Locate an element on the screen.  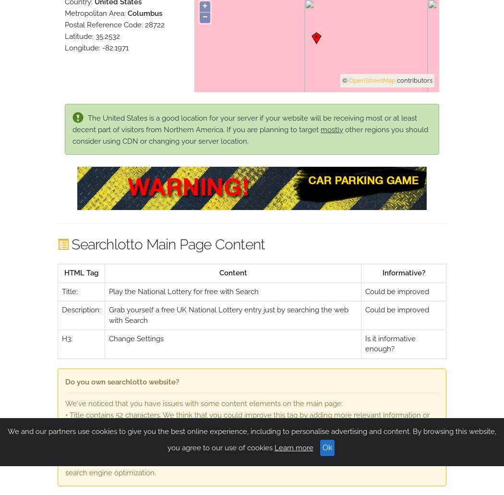
'Title:' is located at coordinates (69, 290).